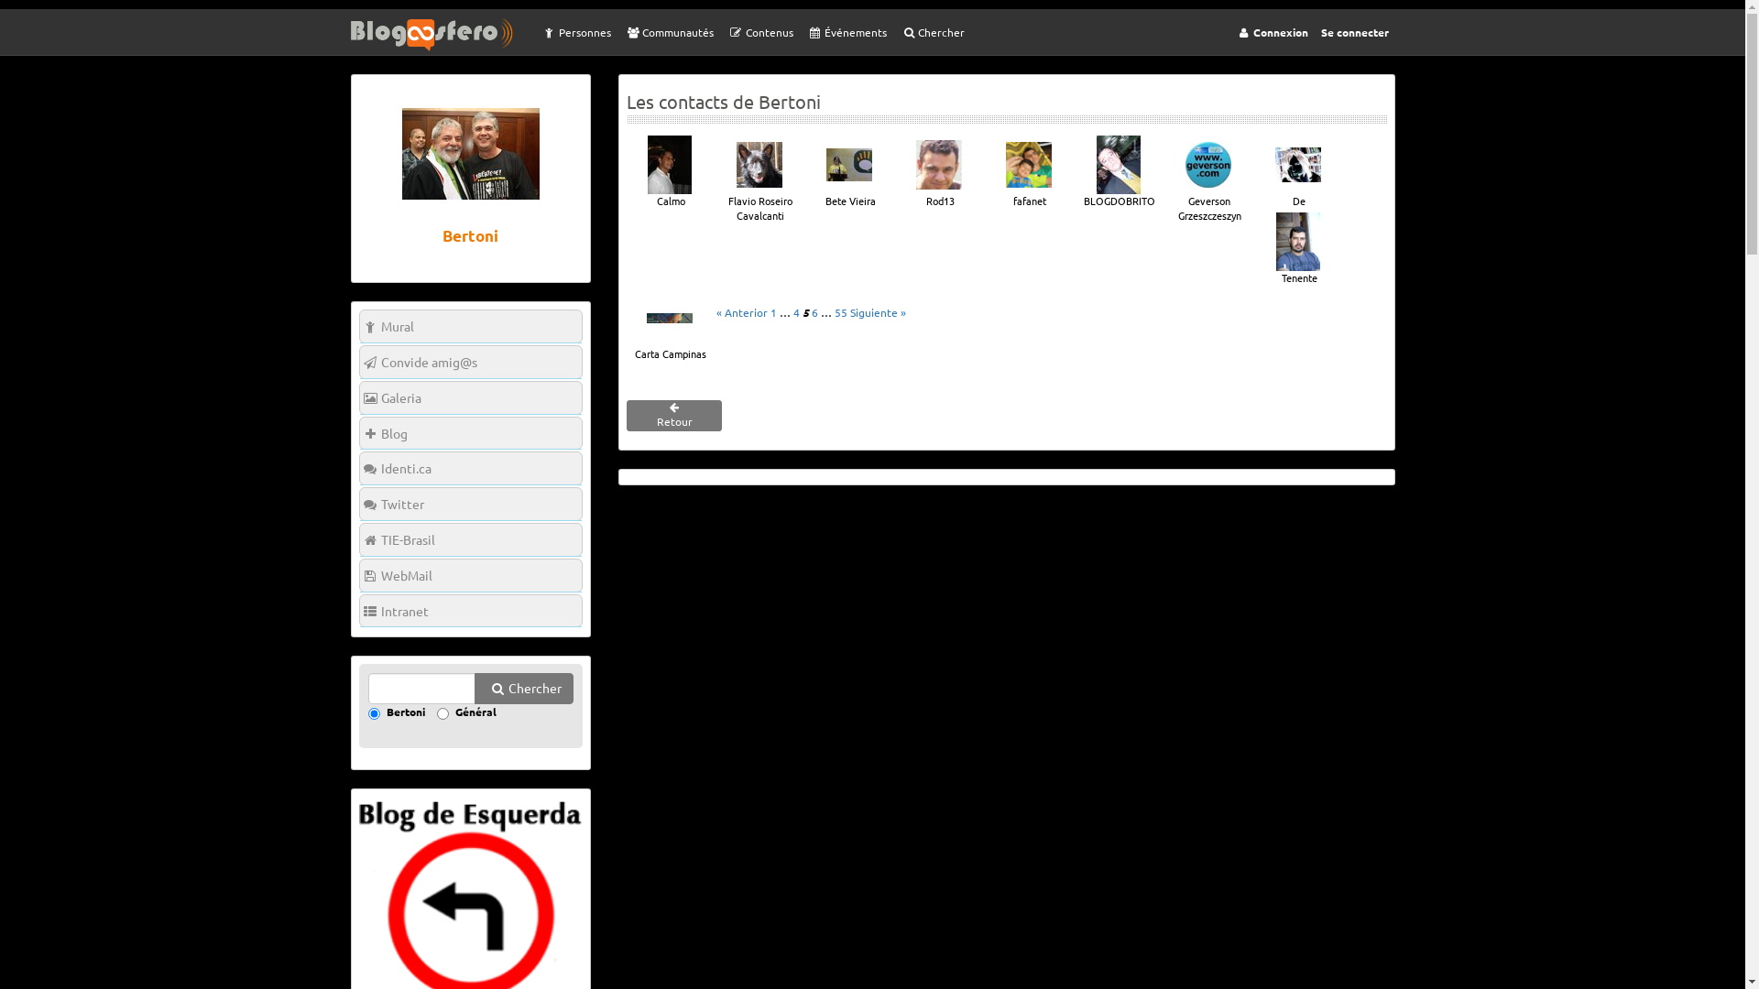 This screenshot has height=989, width=1759. Describe the element at coordinates (814, 310) in the screenshot. I see `'6'` at that location.